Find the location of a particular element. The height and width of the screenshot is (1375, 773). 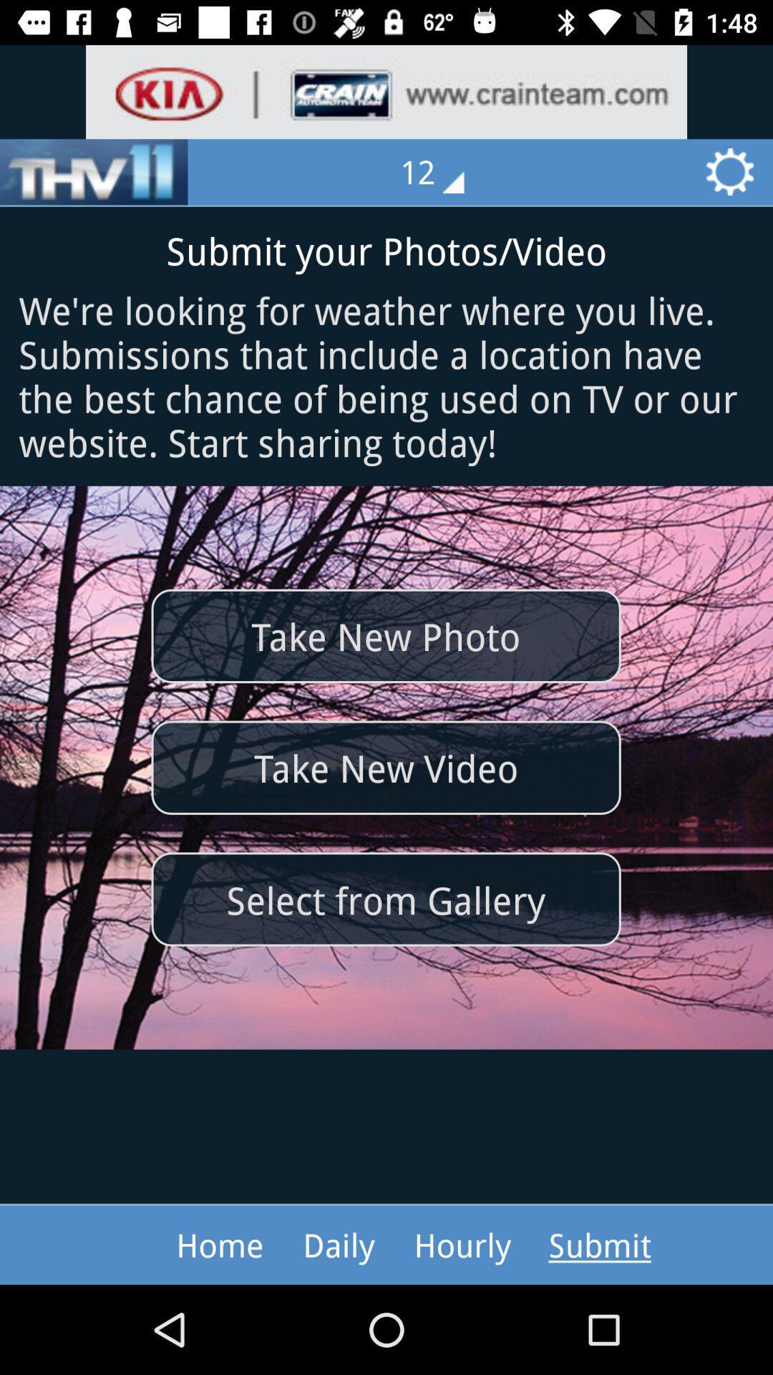

select from gallery item is located at coordinates (385, 898).